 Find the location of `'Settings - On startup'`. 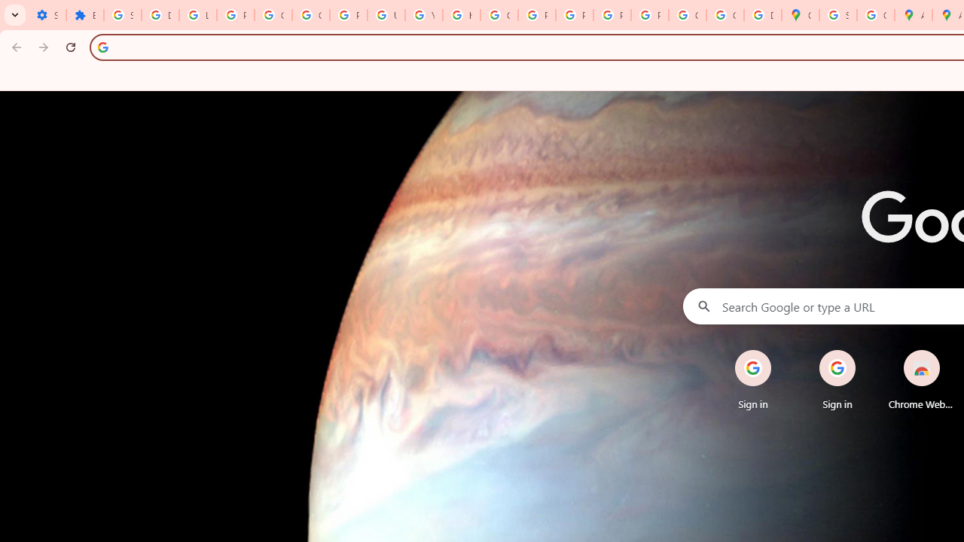

'Settings - On startup' is located at coordinates (47, 15).